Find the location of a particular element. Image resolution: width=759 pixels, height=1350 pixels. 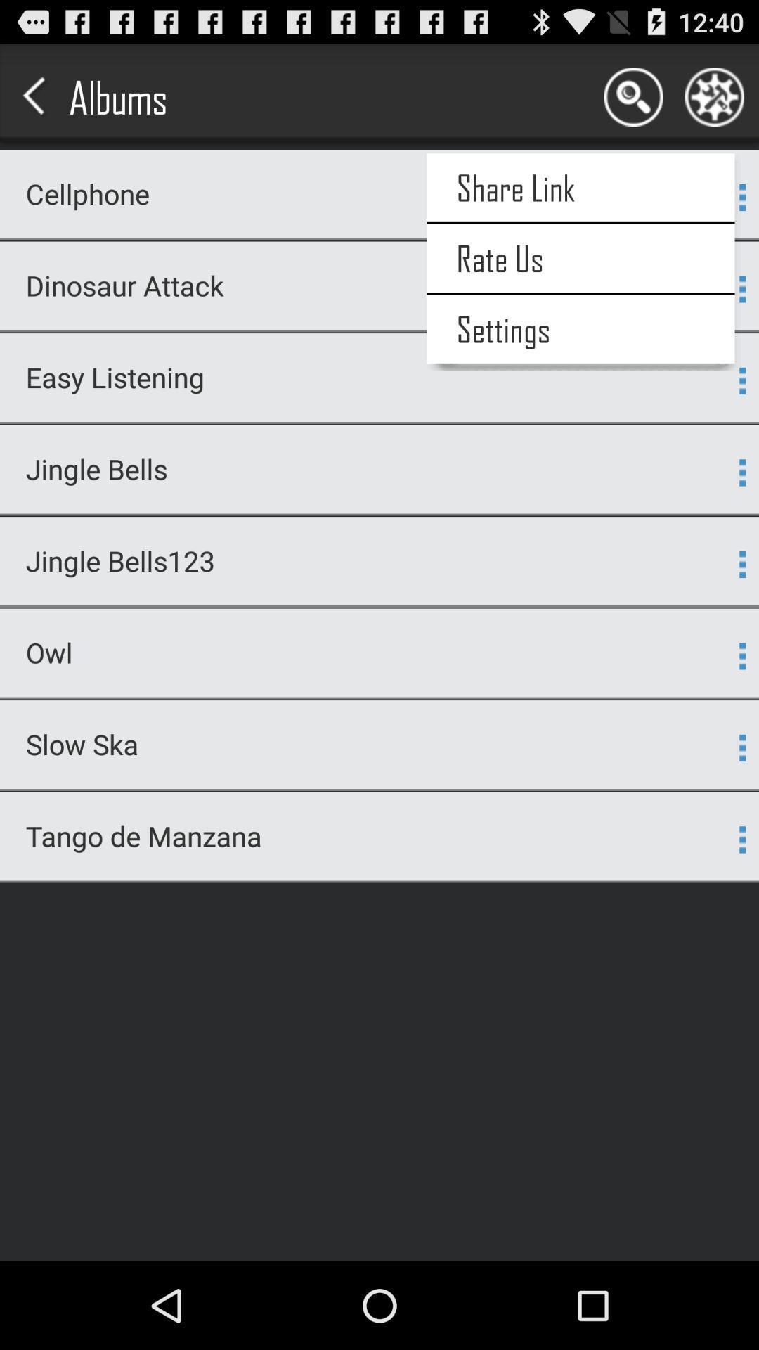

the second 3dots from the bottom is located at coordinates (741, 747).